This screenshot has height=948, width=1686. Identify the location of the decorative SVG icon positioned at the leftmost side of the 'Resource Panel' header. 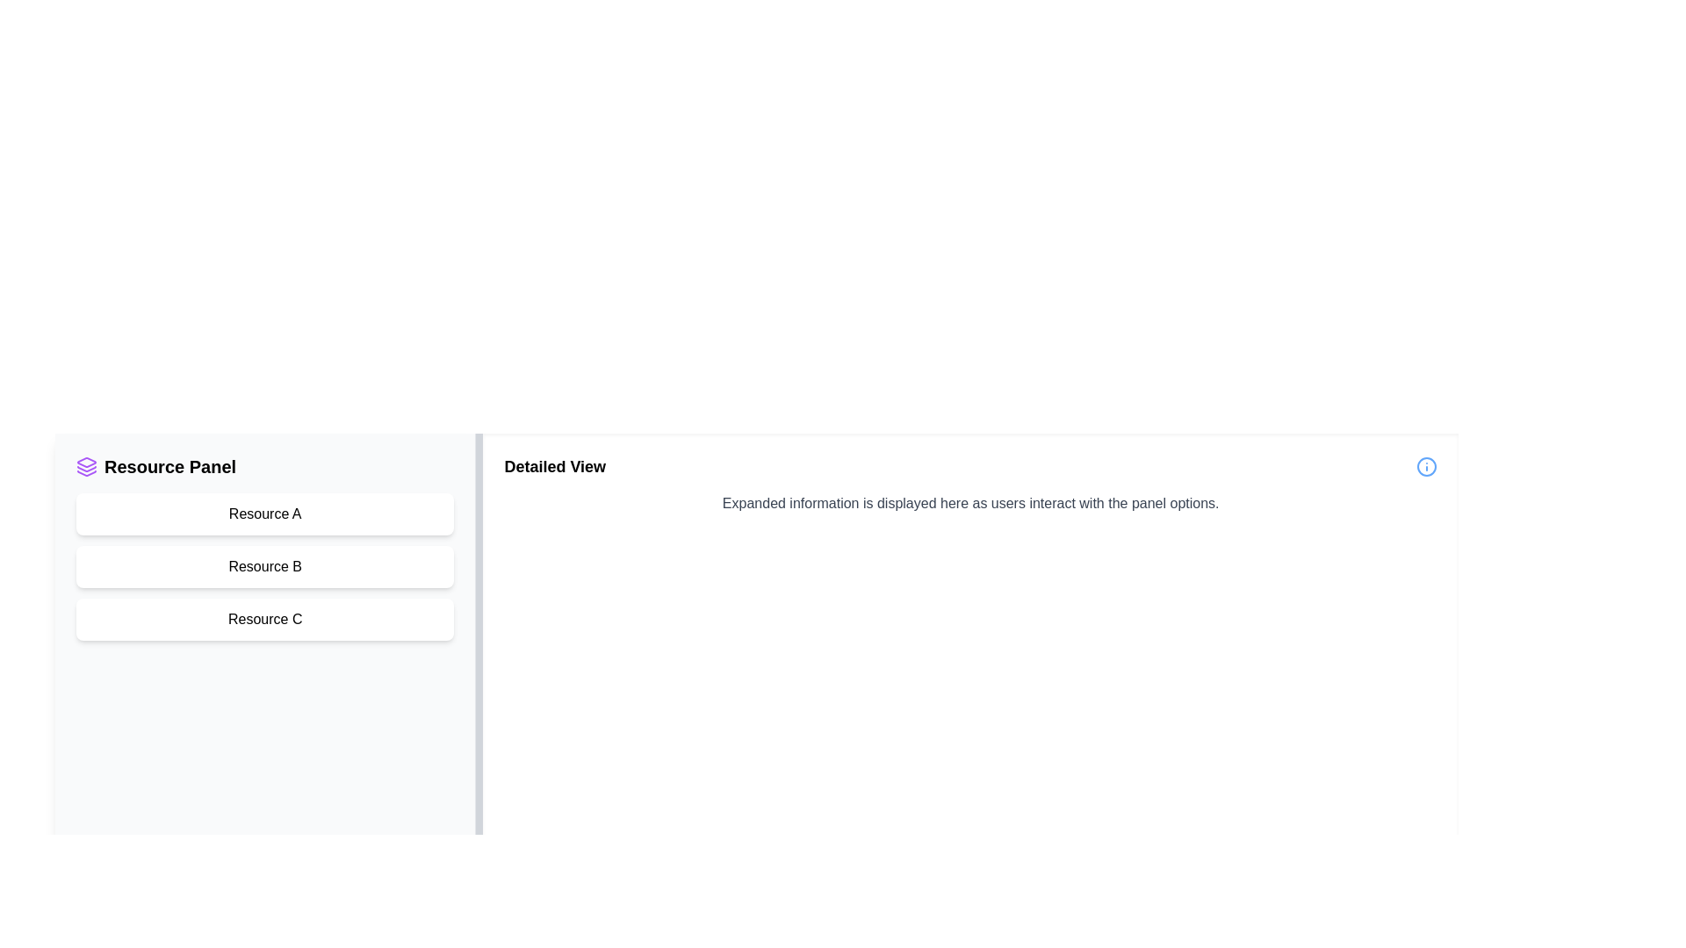
(86, 466).